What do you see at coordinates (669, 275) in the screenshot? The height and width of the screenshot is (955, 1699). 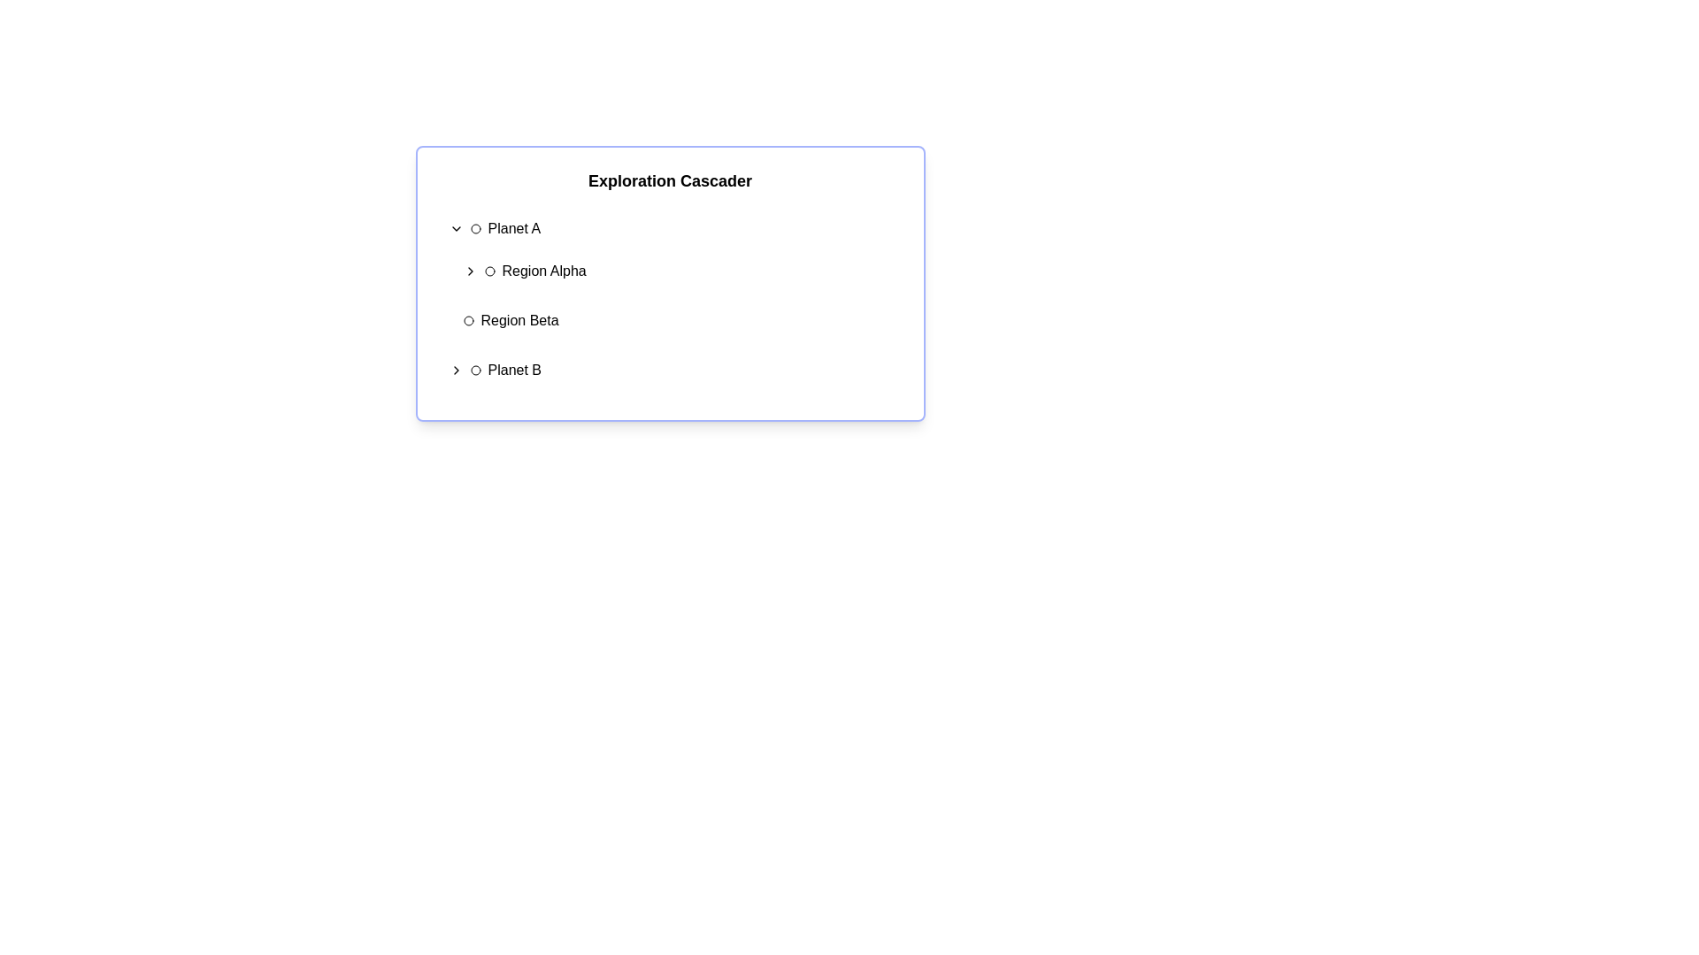 I see `the textual group containing the title 'Planet A' and sub-regions 'Region Alpha' and 'Region Beta', which is the first element among its siblings positioned at the upper section of the layout` at bounding box center [669, 275].